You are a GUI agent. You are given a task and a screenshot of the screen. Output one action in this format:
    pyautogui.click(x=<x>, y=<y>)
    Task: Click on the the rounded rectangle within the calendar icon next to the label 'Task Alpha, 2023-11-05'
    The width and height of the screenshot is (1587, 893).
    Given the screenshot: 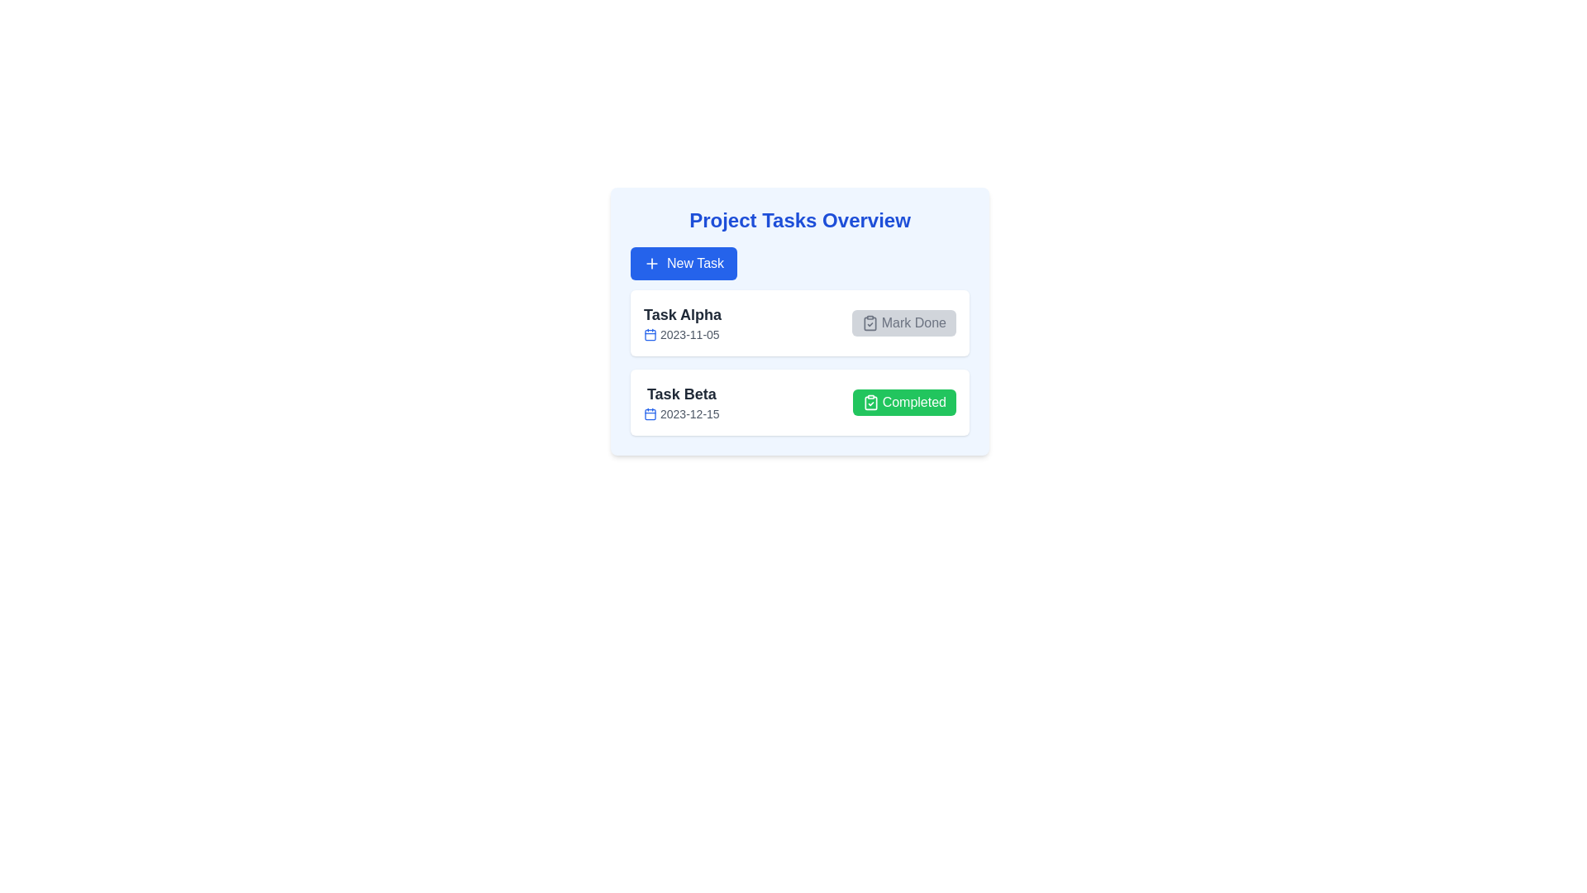 What is the action you would take?
    pyautogui.click(x=650, y=335)
    